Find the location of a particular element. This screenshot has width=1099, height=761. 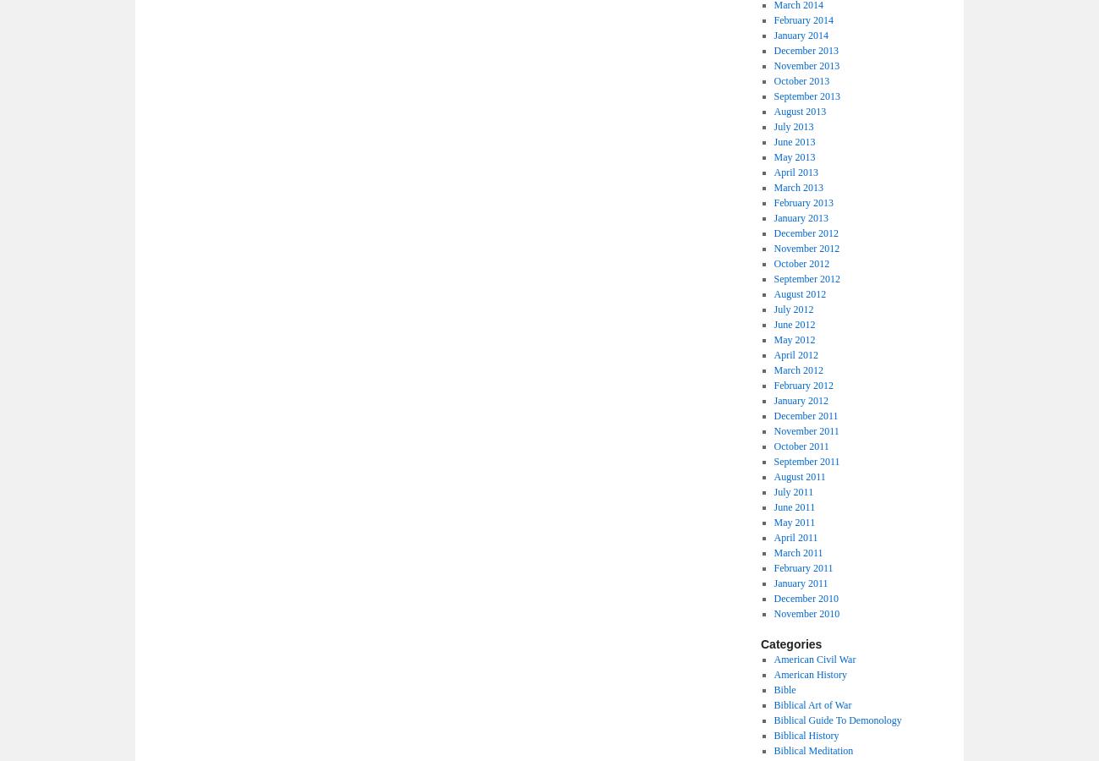

'Biblical Meditation' is located at coordinates (813, 751).